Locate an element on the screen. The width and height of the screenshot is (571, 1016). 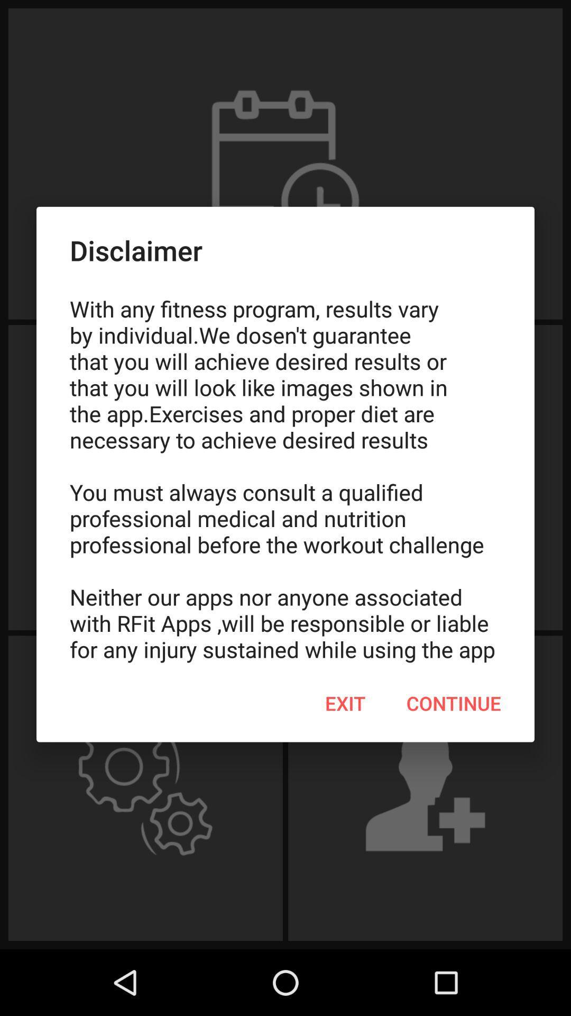
item to the right of exit item is located at coordinates (453, 703).